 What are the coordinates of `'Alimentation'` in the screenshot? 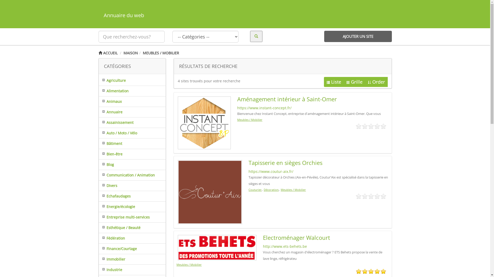 It's located at (99, 91).